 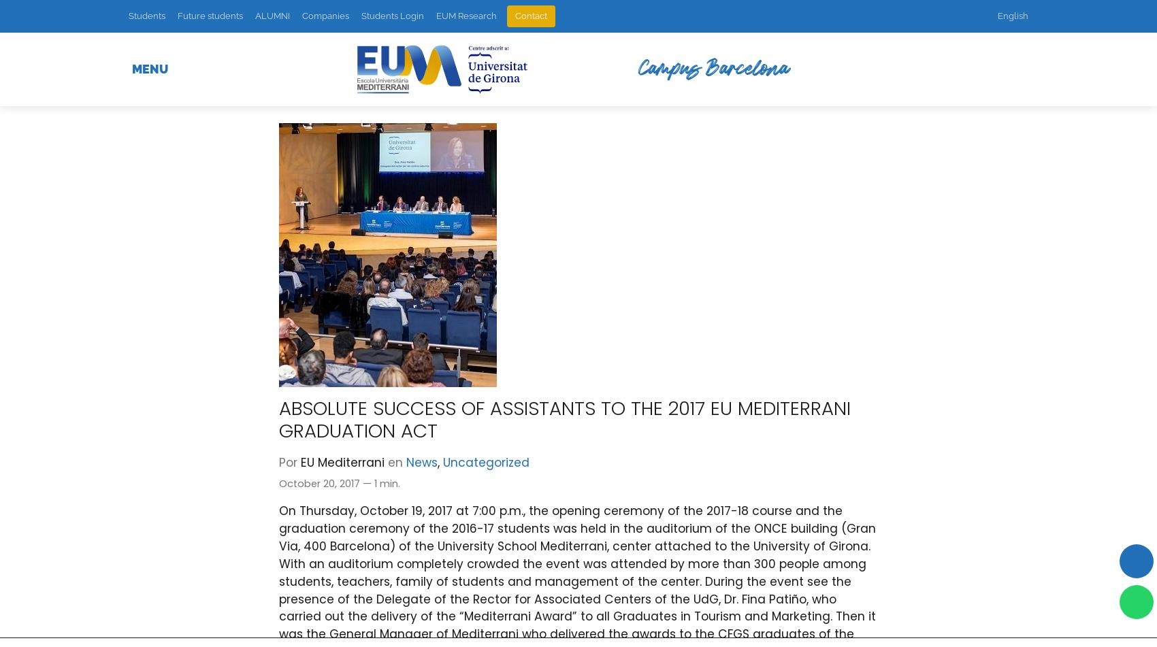 What do you see at coordinates (385, 482) in the screenshot?
I see `'1 min.'` at bounding box center [385, 482].